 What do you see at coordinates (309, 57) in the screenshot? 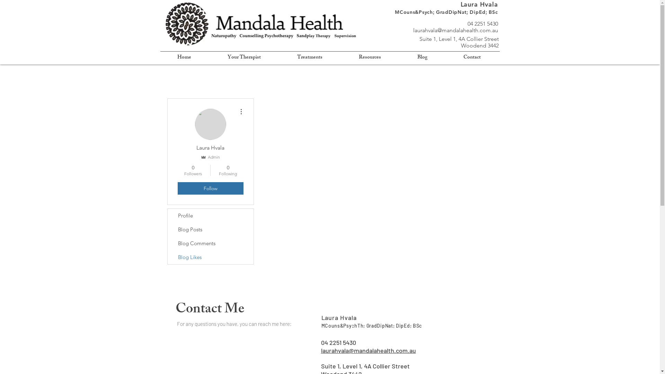
I see `'Treatments'` at bounding box center [309, 57].